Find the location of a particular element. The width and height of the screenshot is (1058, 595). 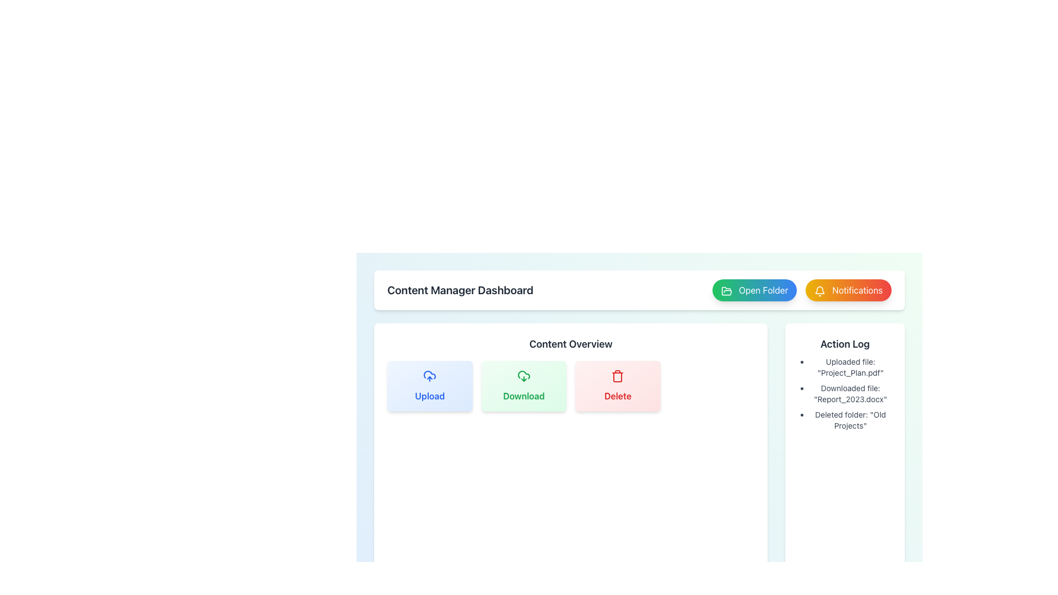

the 'Open Folder' button styled with a green to blue gradient is located at coordinates (802, 290).